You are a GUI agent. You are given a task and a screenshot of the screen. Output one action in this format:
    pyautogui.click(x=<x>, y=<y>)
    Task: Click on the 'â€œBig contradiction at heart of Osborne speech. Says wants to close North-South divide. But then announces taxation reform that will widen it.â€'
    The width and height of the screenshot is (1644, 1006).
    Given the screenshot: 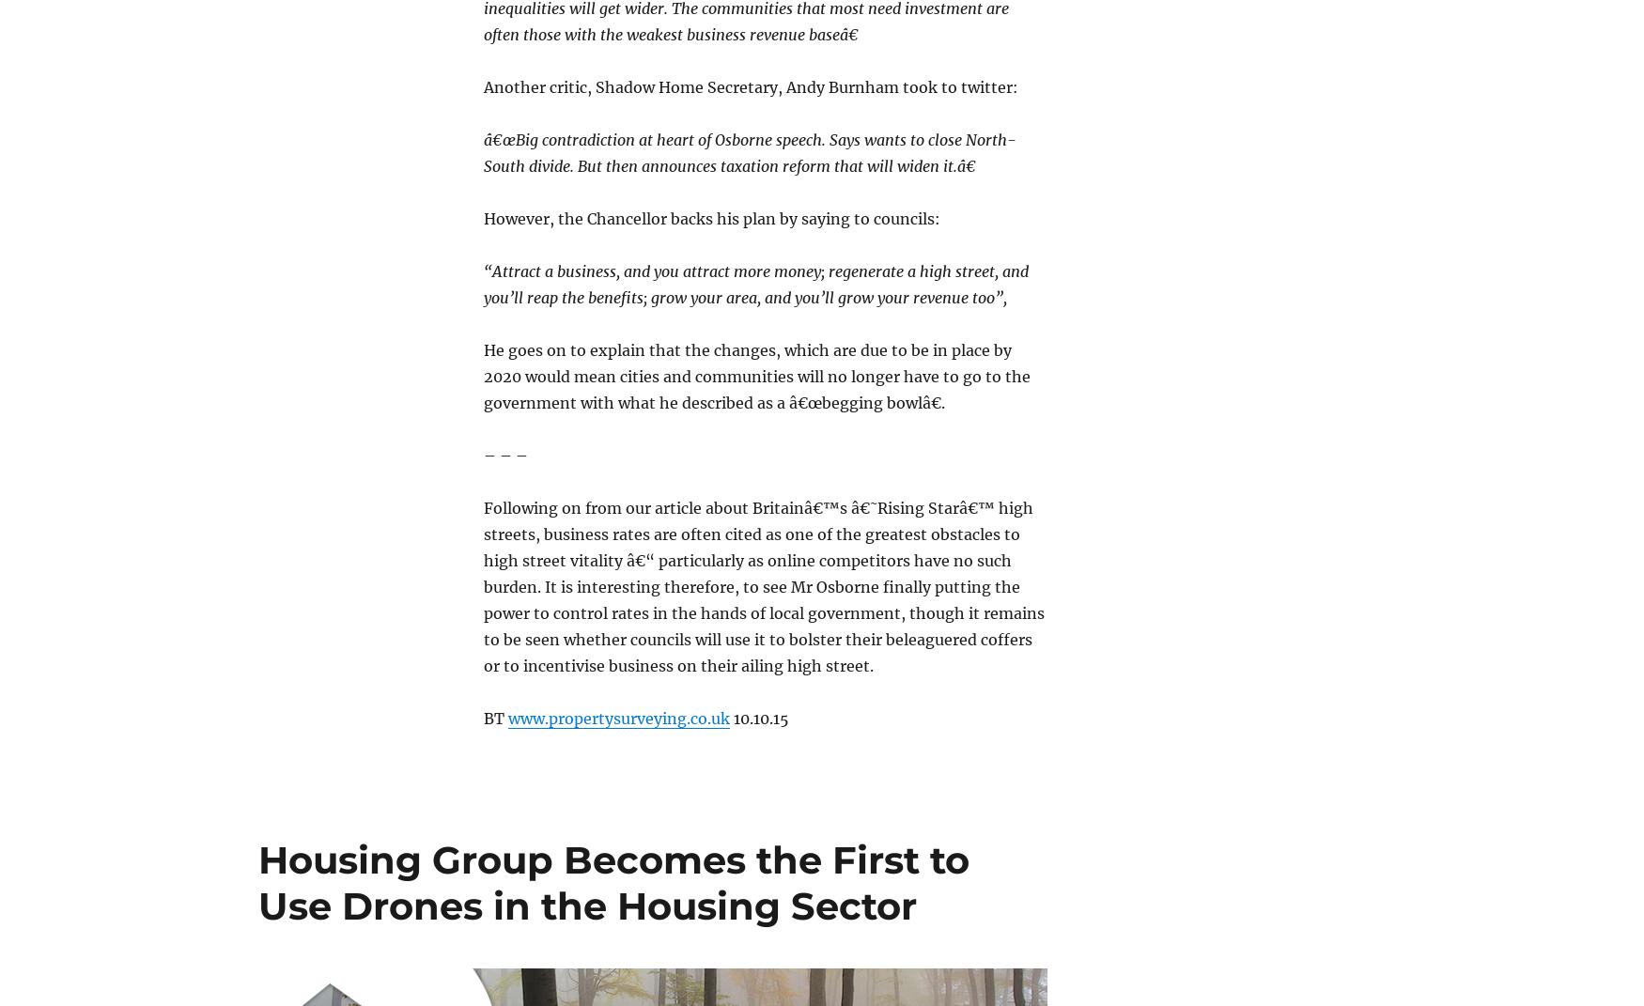 What is the action you would take?
    pyautogui.click(x=749, y=151)
    